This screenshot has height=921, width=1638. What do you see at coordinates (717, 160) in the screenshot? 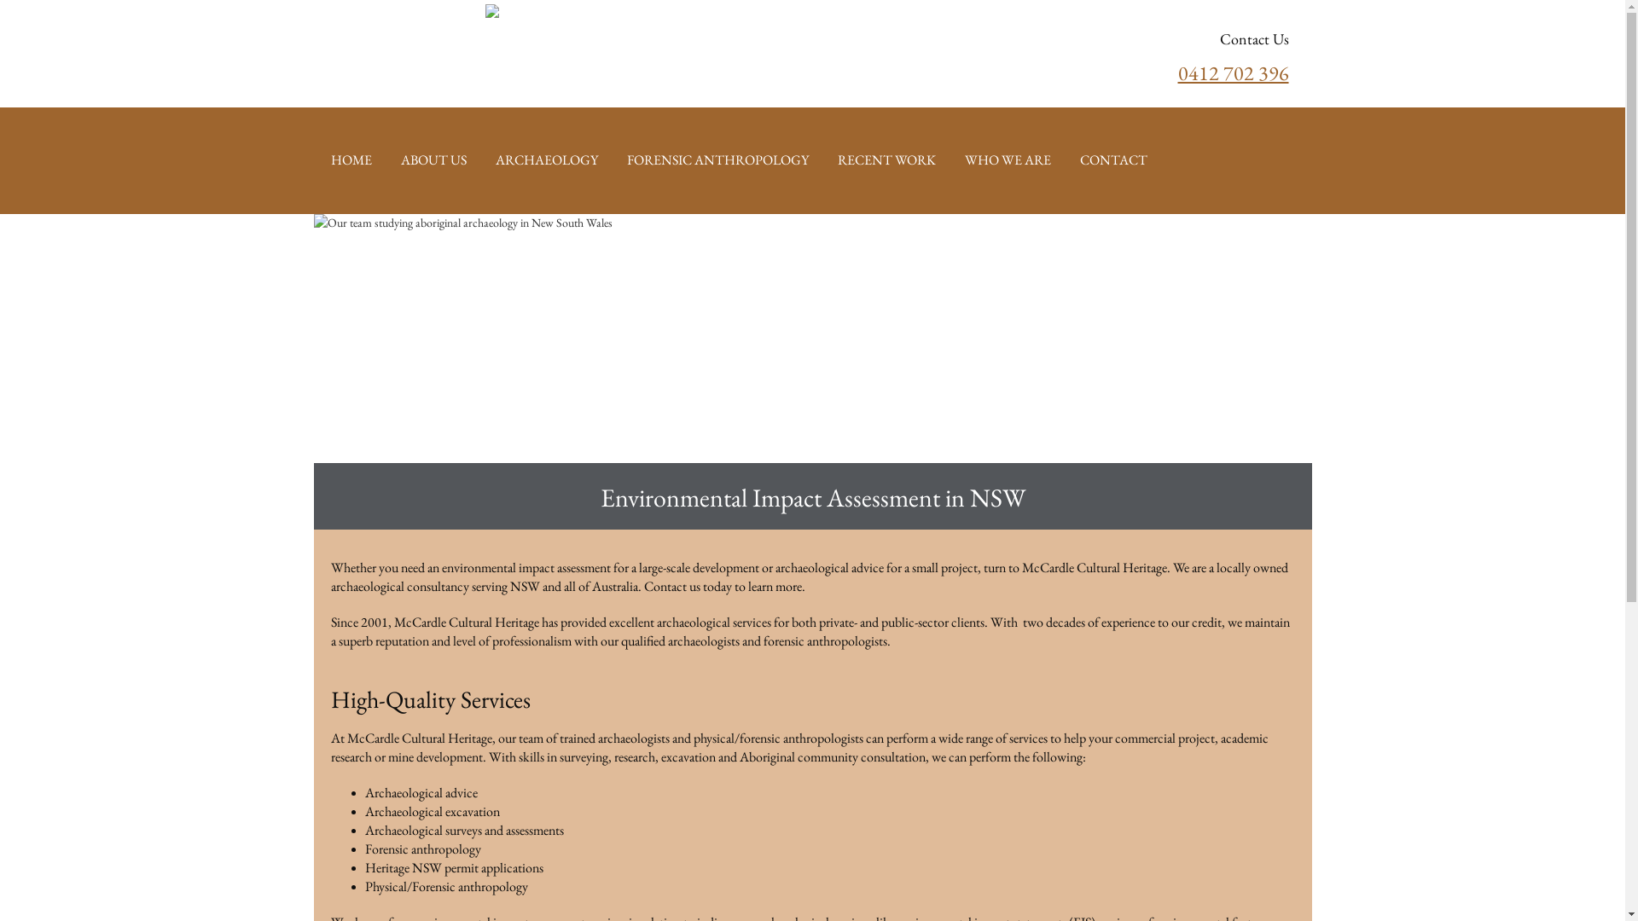
I see `'FORENSIC ANTHROPOLOGY'` at bounding box center [717, 160].